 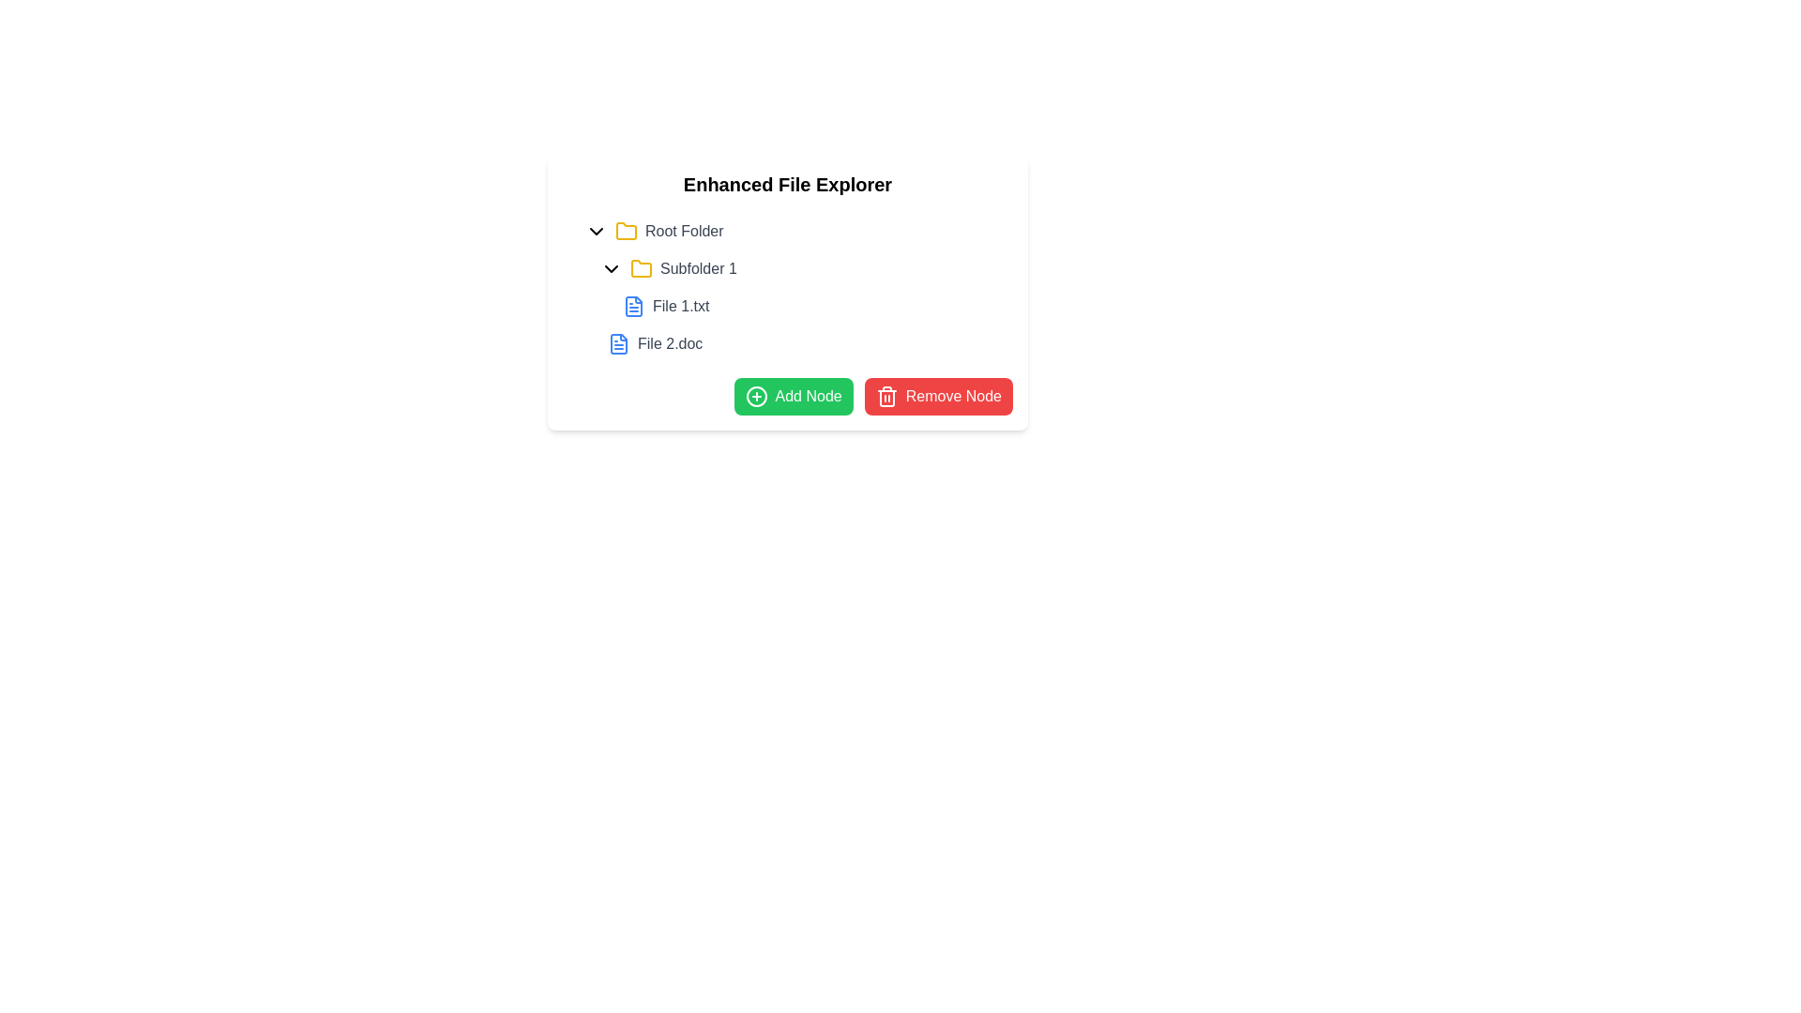 What do you see at coordinates (795, 230) in the screenshot?
I see `the 'Root Folder' entry in the file explorer` at bounding box center [795, 230].